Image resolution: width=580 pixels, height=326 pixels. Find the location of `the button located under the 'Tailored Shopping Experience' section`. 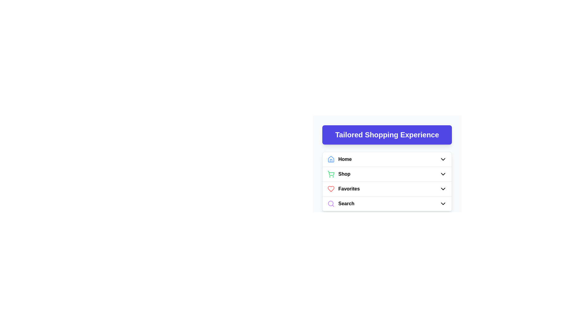

the button located under the 'Tailored Shopping Experience' section is located at coordinates (387, 204).